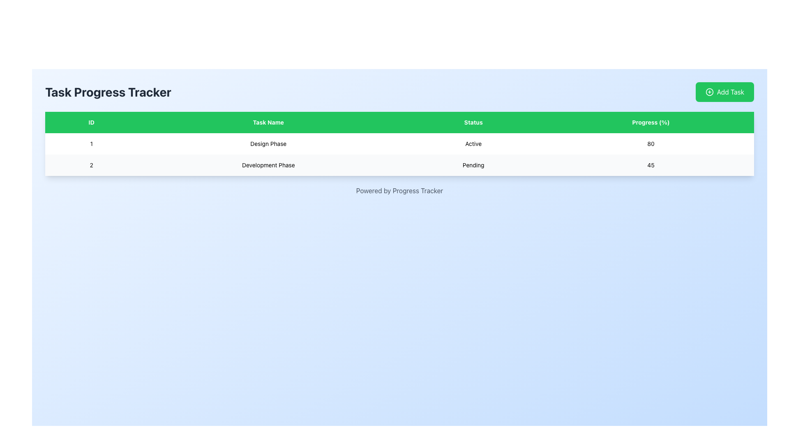 The width and height of the screenshot is (789, 444). I want to click on the circular decorative element that is part of the 'Add Task' button, located at the top-right corner of the interface, so click(709, 92).